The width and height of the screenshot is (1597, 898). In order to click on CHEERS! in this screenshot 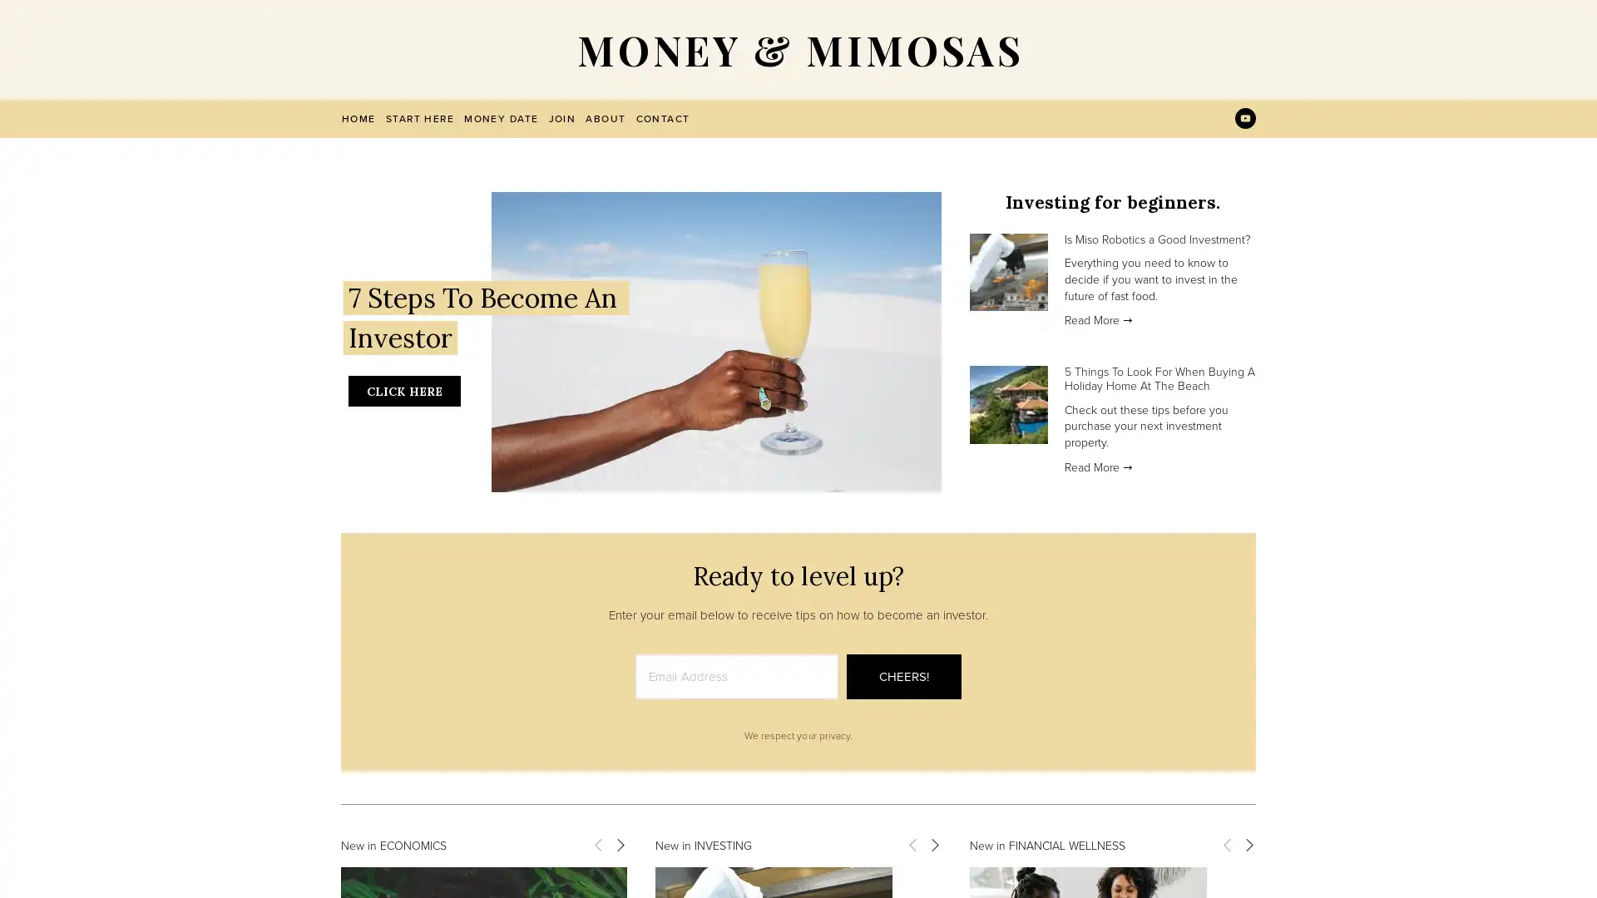, I will do `click(902, 676)`.